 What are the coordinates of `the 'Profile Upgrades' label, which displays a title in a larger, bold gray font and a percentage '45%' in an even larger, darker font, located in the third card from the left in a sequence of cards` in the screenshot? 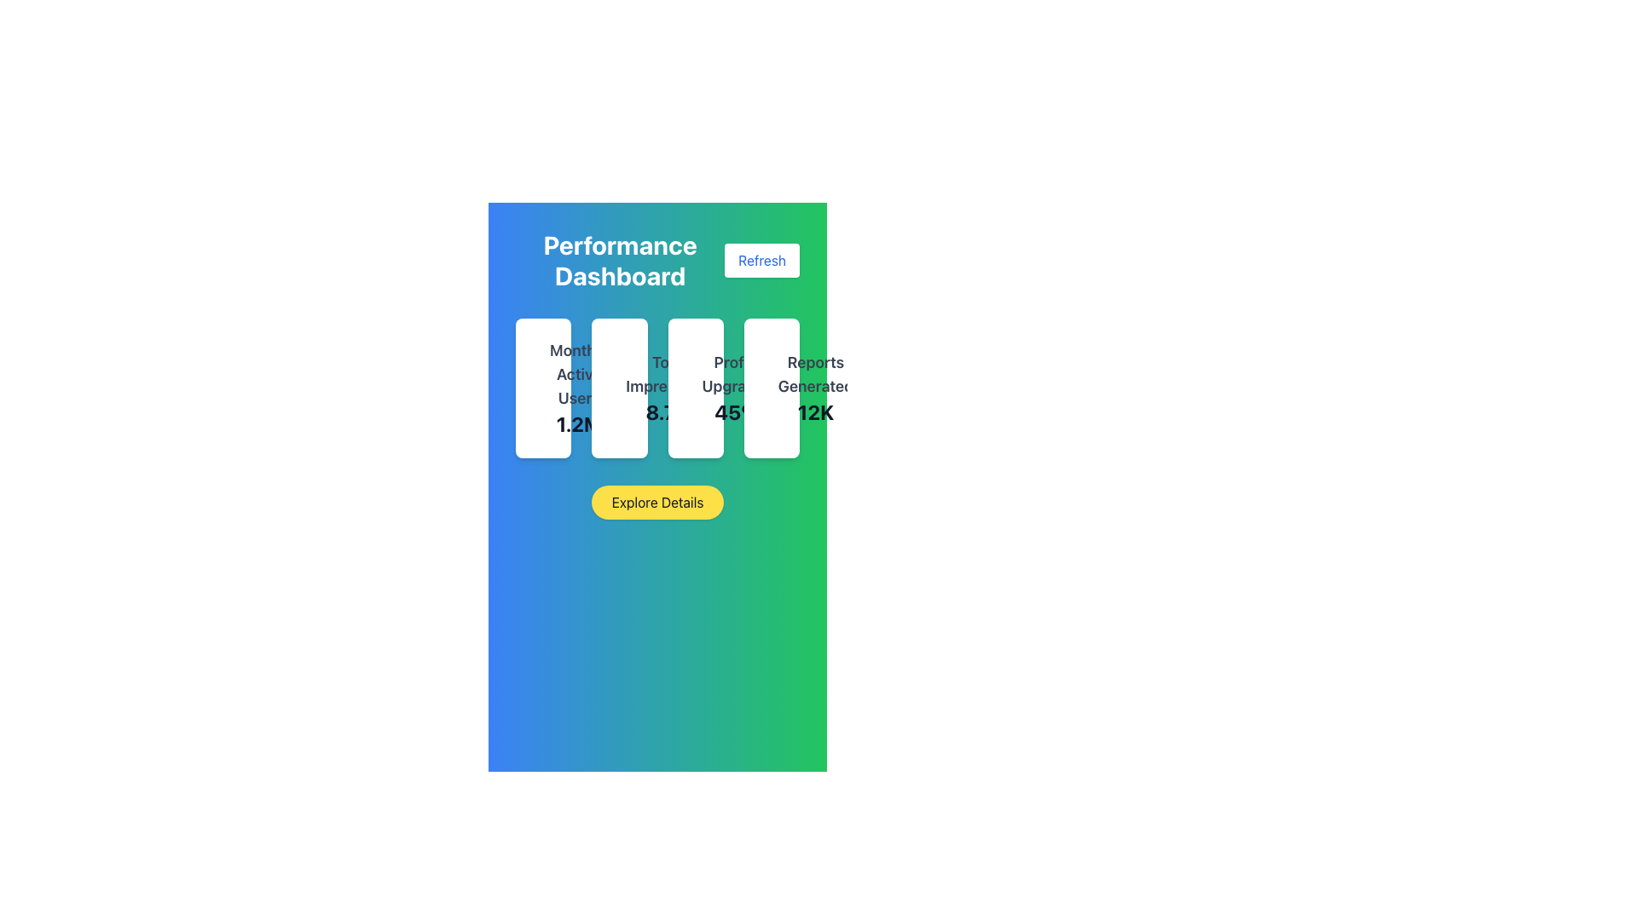 It's located at (737, 388).